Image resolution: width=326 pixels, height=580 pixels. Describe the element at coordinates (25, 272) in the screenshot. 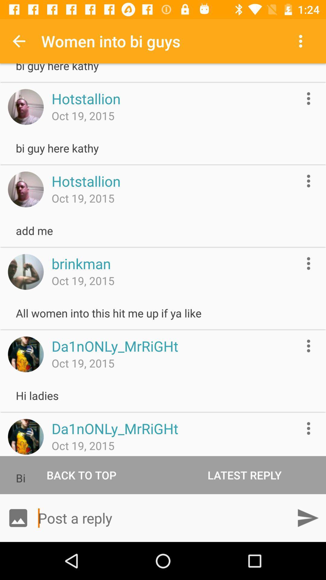

I see `the image is someone 's profile picture and will take you to their profile` at that location.